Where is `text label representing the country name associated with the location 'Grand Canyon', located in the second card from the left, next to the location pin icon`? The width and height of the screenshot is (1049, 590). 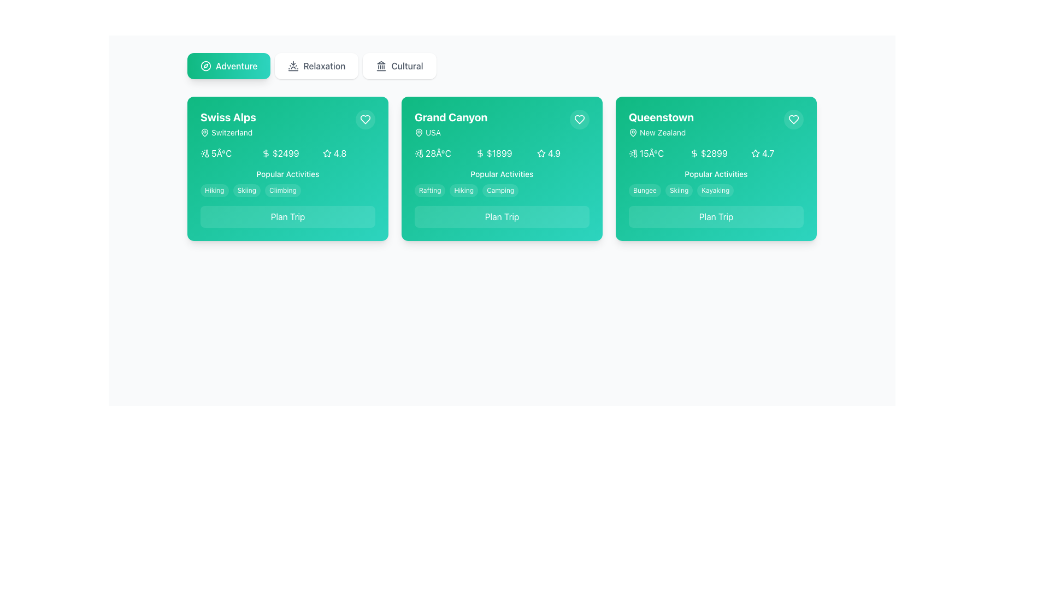
text label representing the country name associated with the location 'Grand Canyon', located in the second card from the left, next to the location pin icon is located at coordinates (433, 132).